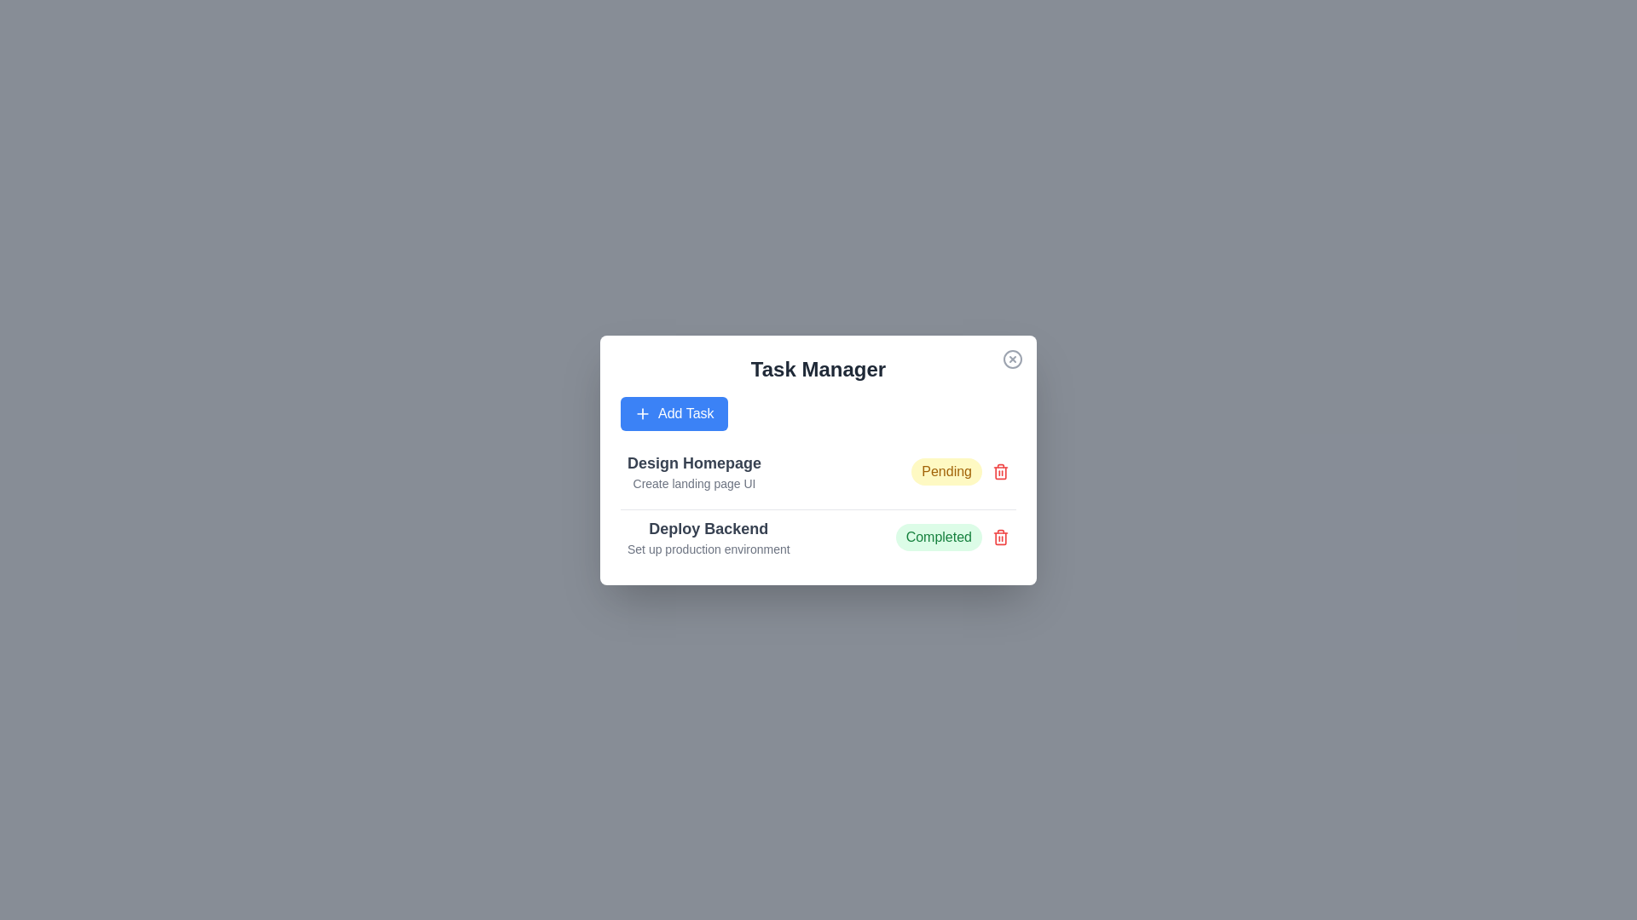 Image resolution: width=1637 pixels, height=920 pixels. Describe the element at coordinates (952, 537) in the screenshot. I see `the Status indicator tag that shows the completion of the 'Deploy Backend' task, located in the 'Task Manager' card layout` at that location.